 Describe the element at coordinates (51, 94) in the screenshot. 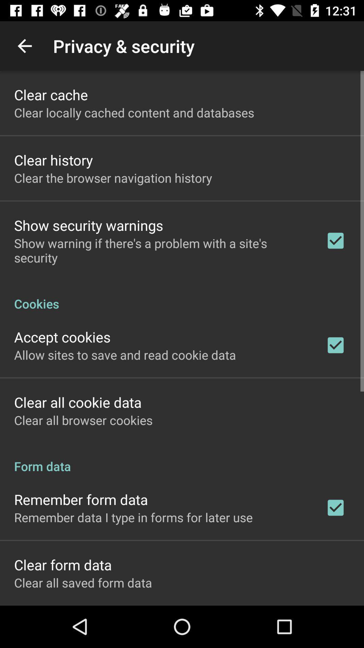

I see `the clear cache` at that location.